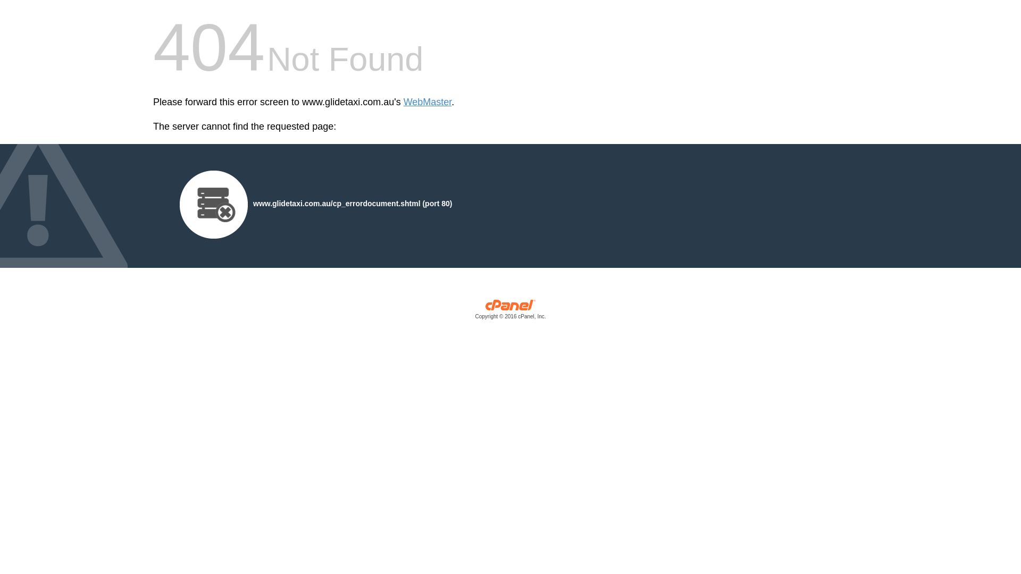 The width and height of the screenshot is (1021, 574). Describe the element at coordinates (428, 102) in the screenshot. I see `'WebMaster'` at that location.